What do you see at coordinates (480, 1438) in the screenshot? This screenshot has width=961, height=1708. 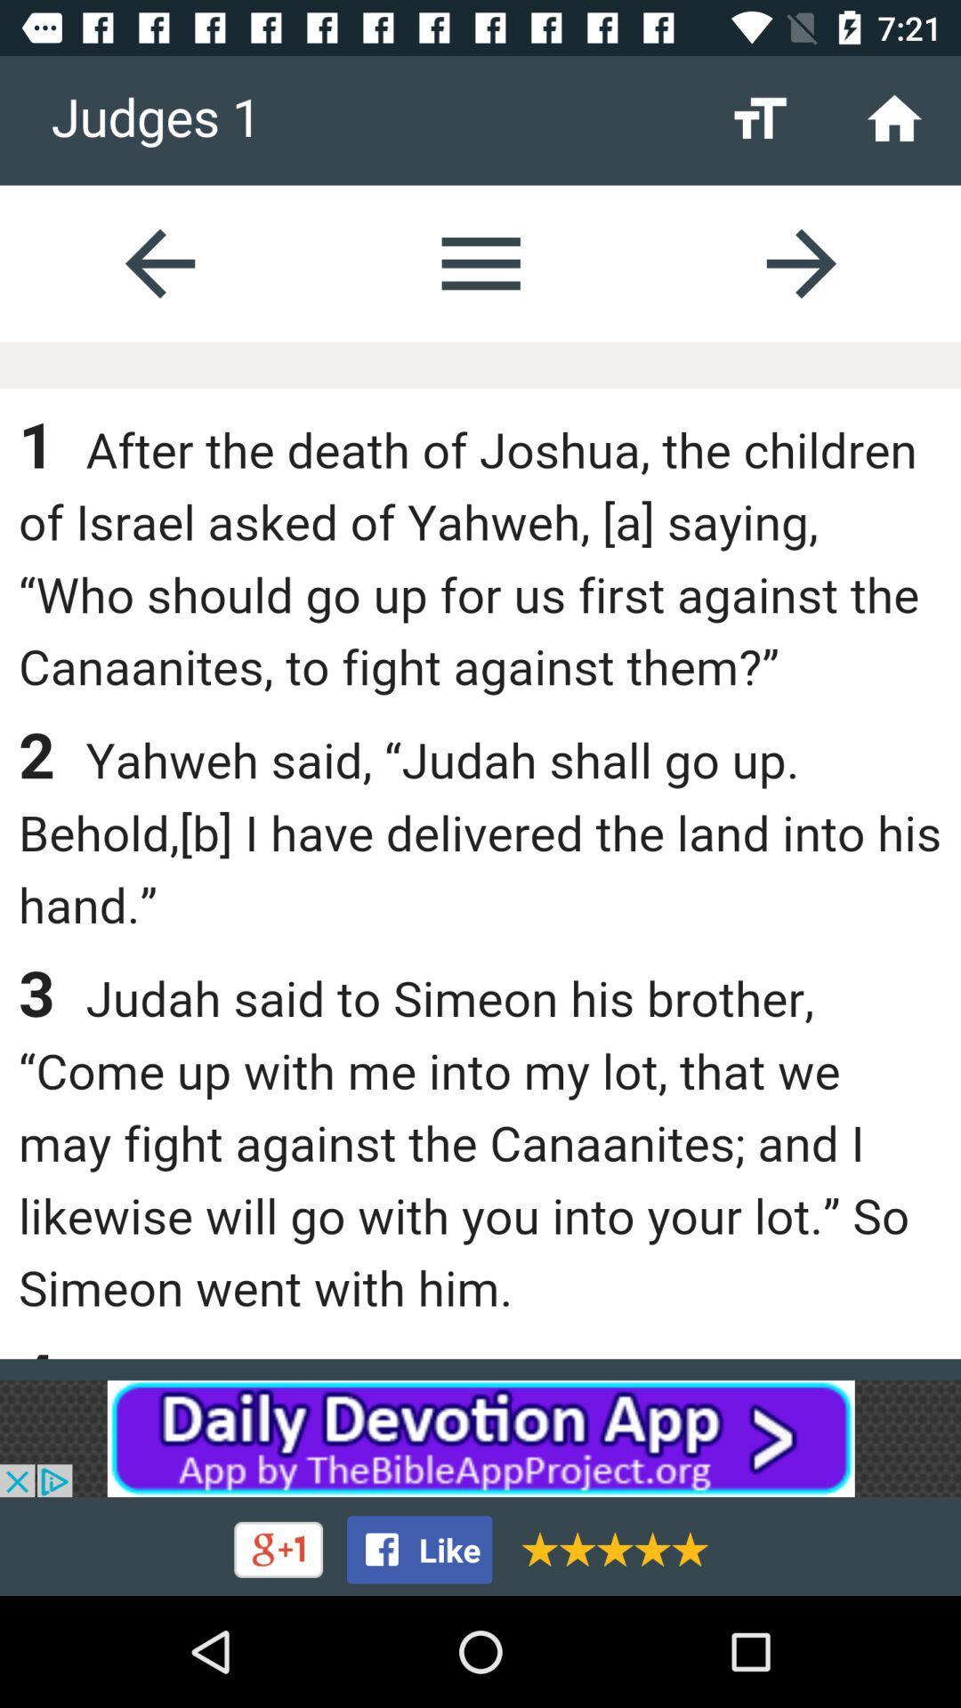 I see `advertisement` at bounding box center [480, 1438].